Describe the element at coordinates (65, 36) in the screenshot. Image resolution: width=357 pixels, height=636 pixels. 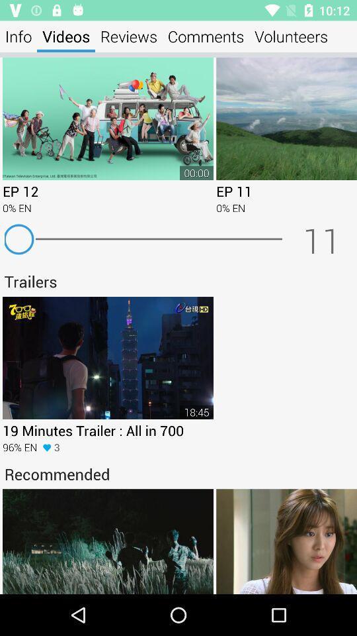
I see `the videos` at that location.